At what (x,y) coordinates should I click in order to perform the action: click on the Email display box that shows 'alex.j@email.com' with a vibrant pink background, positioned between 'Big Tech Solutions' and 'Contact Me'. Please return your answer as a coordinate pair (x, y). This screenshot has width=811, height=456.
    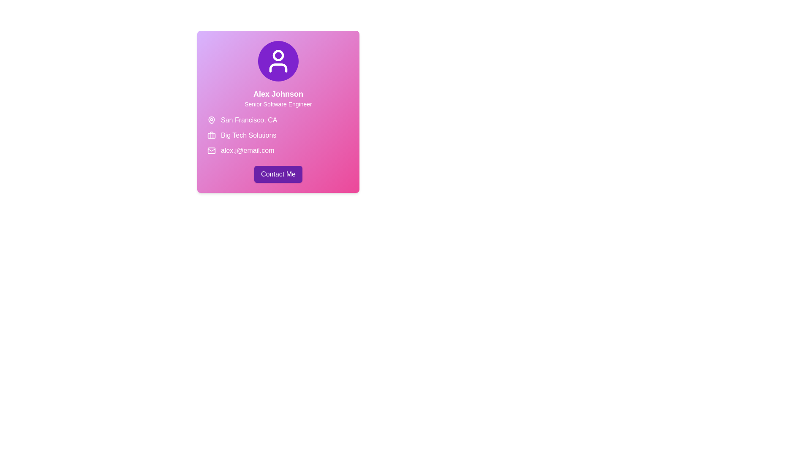
    Looking at the image, I should click on (278, 150).